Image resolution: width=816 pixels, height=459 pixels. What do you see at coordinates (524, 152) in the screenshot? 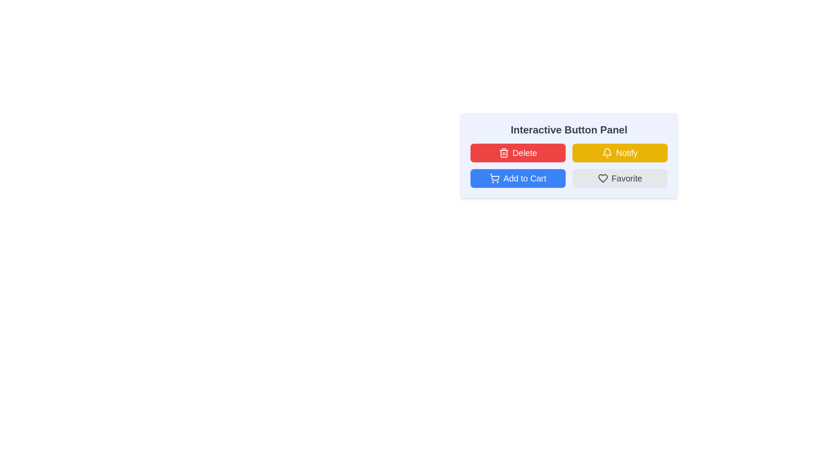
I see `the text label indicating the 'Delete' action, which is positioned within the button area in the interactive panel` at bounding box center [524, 152].